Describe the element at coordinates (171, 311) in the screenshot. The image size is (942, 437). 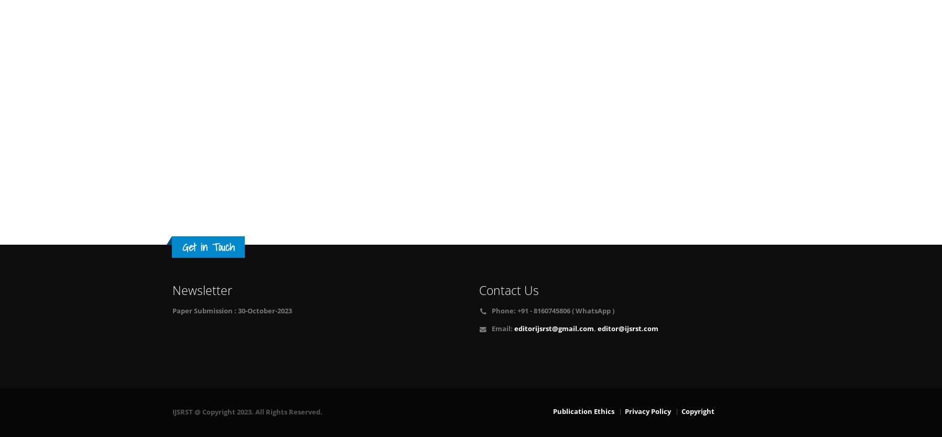
I see `'Paper Submission :
            30-October-2023'` at that location.